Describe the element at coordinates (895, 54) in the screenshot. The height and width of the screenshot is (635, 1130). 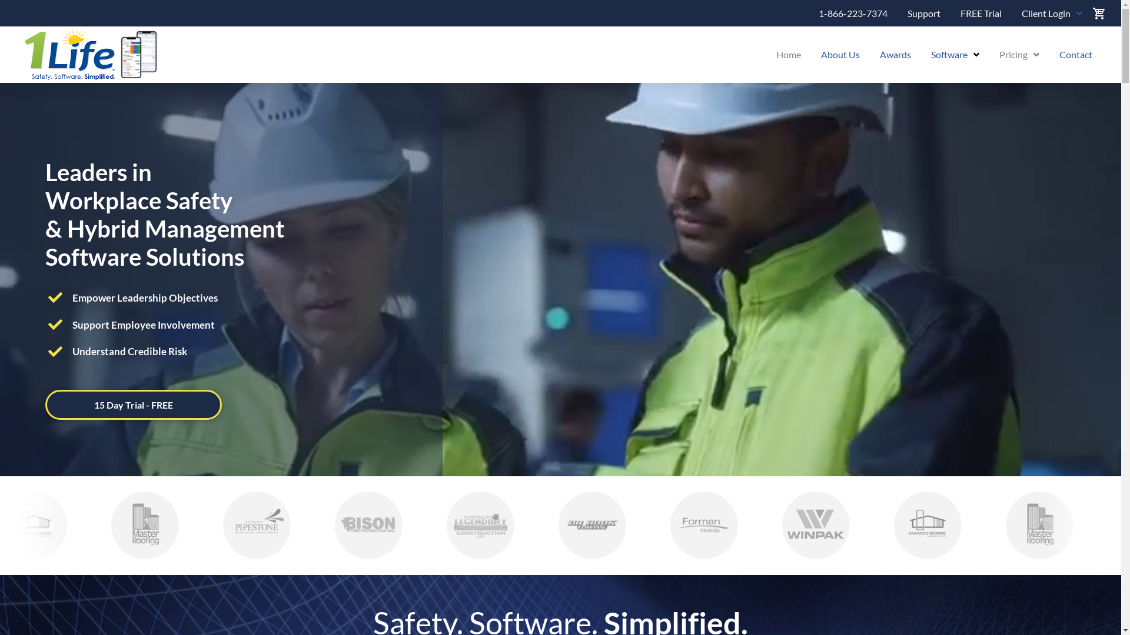
I see `'Awards'` at that location.